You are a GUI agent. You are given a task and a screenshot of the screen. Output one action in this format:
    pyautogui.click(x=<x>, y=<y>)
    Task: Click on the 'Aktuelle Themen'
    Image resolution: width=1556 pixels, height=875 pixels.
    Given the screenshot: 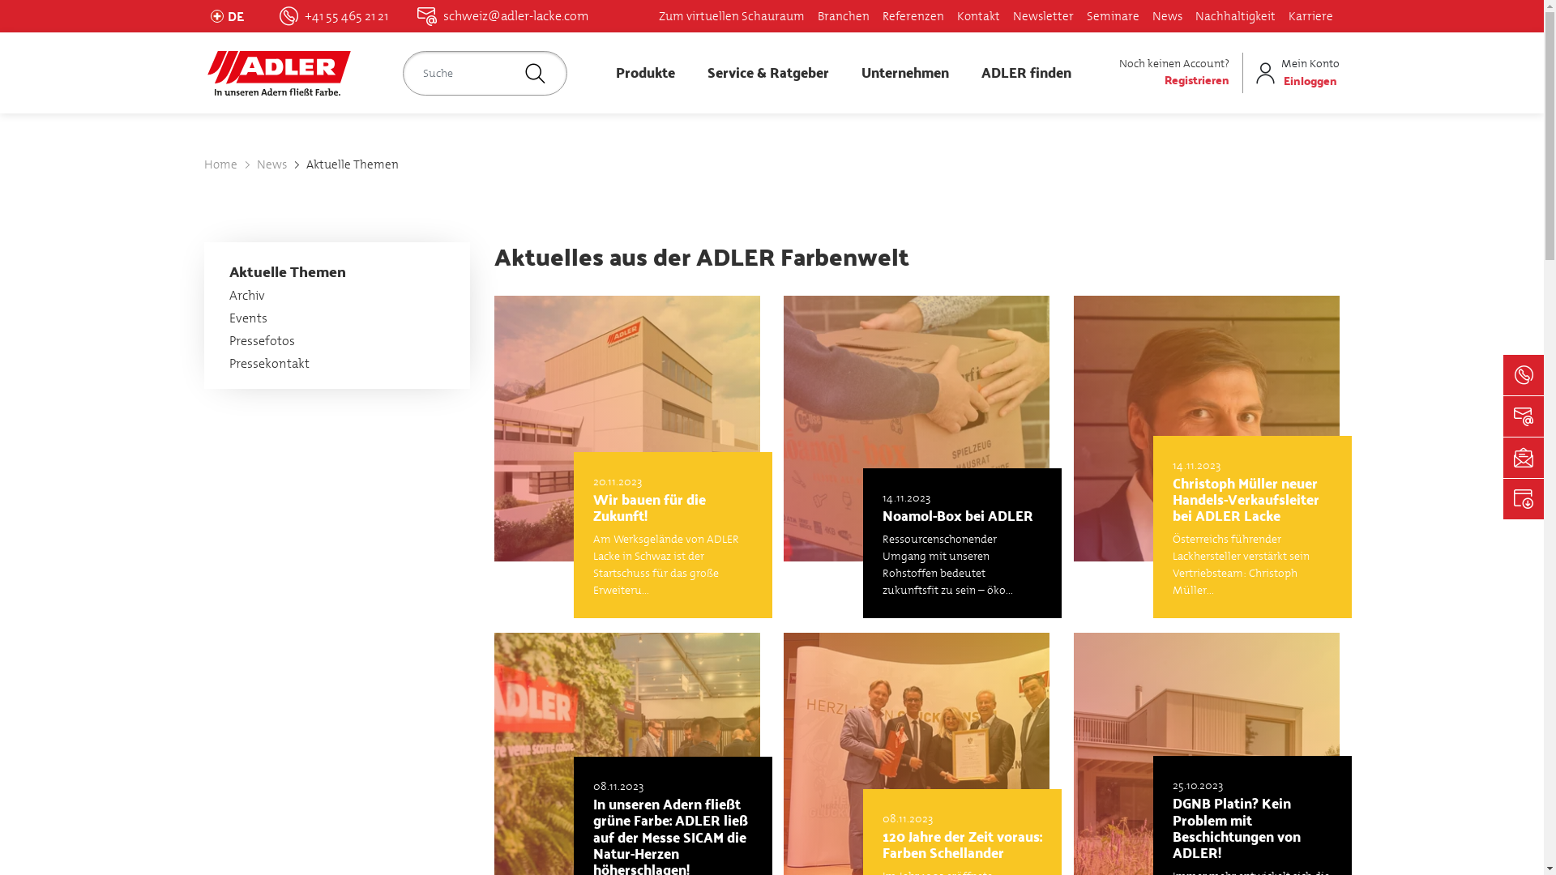 What is the action you would take?
    pyautogui.click(x=352, y=164)
    